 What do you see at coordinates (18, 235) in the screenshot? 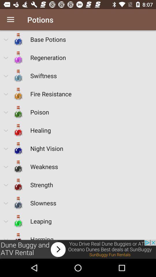
I see `the image to the left of harming text` at bounding box center [18, 235].